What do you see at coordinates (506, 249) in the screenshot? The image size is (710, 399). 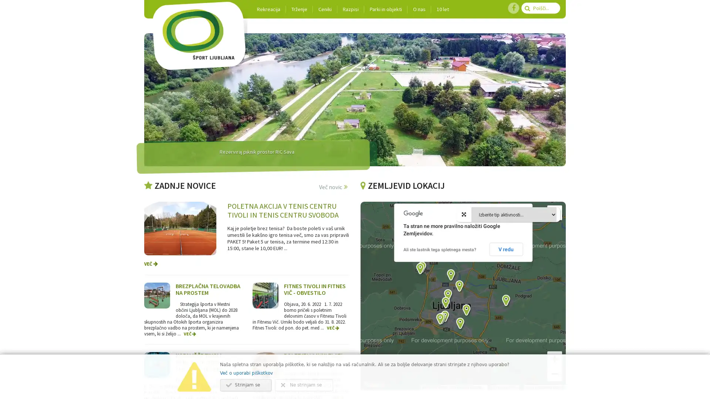 I see `V redu` at bounding box center [506, 249].